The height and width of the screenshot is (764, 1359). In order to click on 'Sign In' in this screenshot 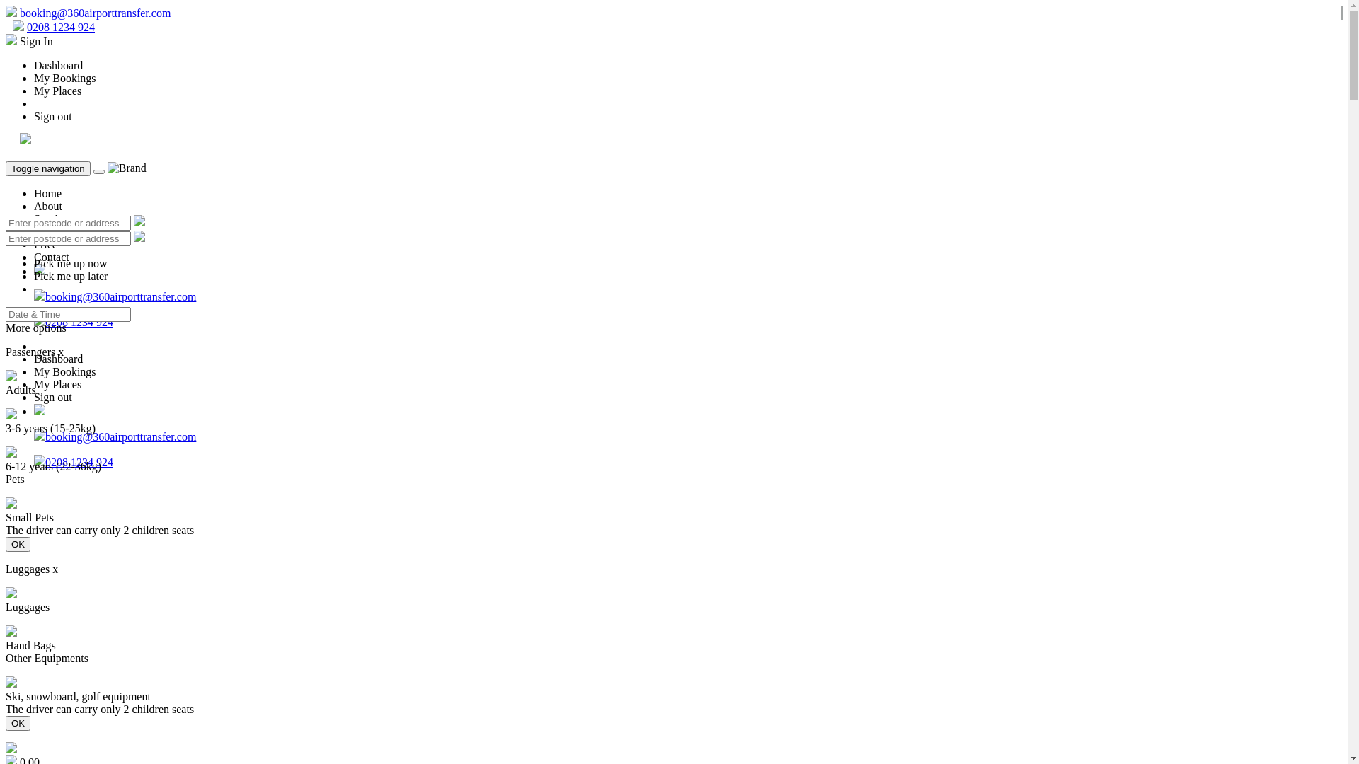, I will do `click(29, 40)`.